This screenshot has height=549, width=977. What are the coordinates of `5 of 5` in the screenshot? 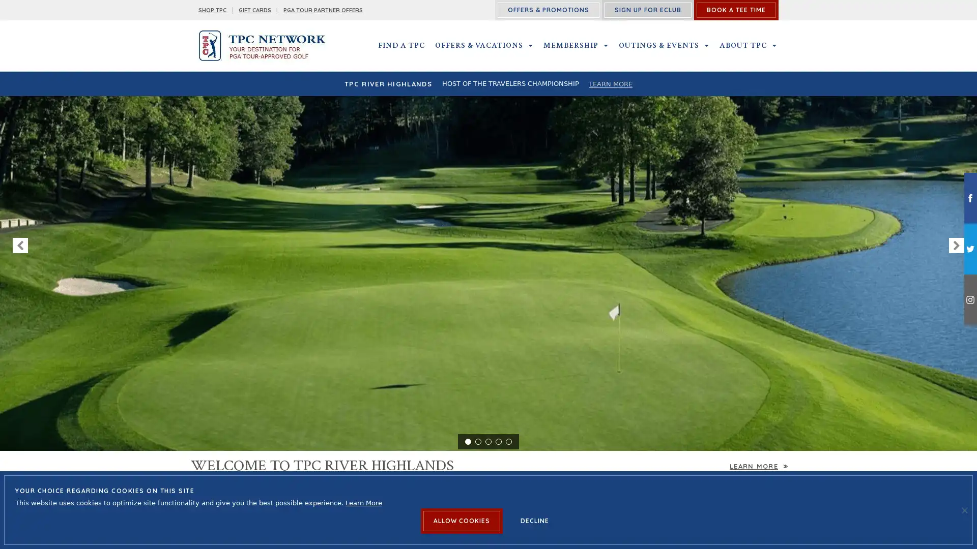 It's located at (508, 441).